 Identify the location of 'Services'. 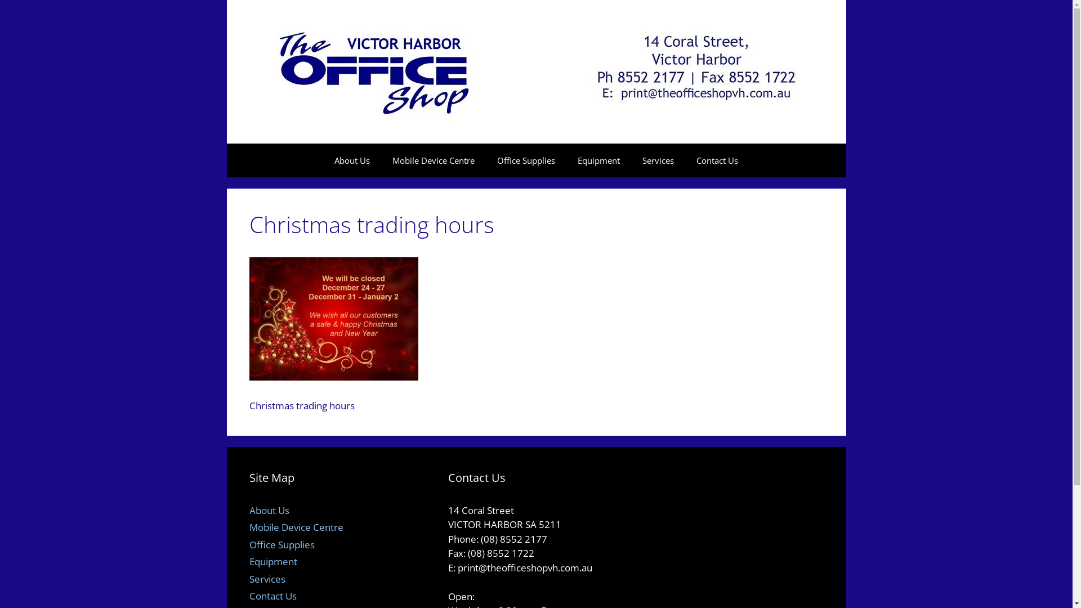
(631, 160).